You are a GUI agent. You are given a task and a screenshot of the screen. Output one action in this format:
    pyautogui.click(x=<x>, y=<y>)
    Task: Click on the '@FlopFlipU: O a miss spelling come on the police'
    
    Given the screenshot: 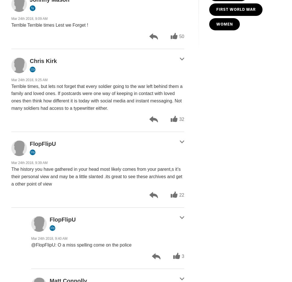 What is the action you would take?
    pyautogui.click(x=81, y=245)
    